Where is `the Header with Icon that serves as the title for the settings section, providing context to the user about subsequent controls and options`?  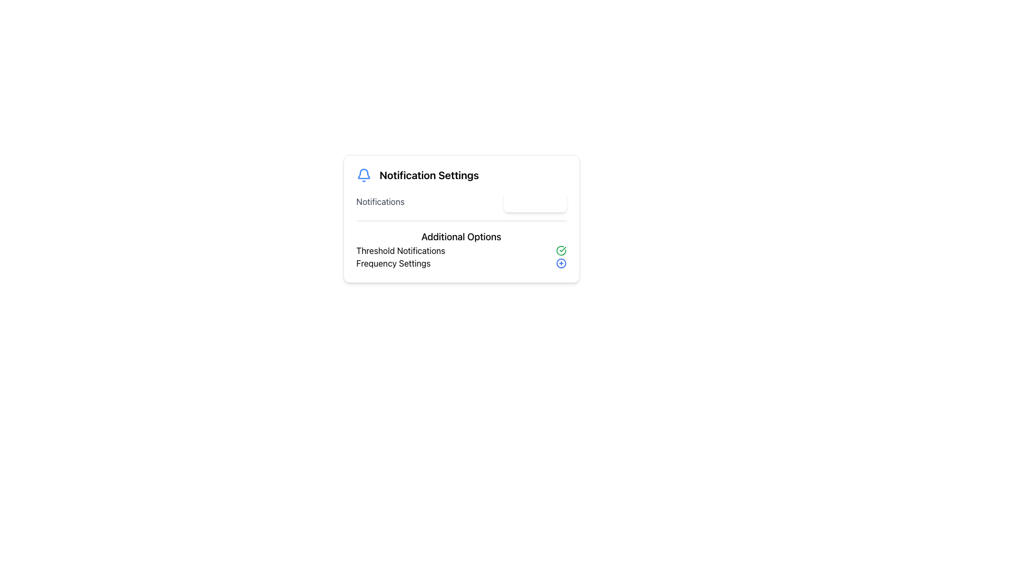 the Header with Icon that serves as the title for the settings section, providing context to the user about subsequent controls and options is located at coordinates (461, 174).